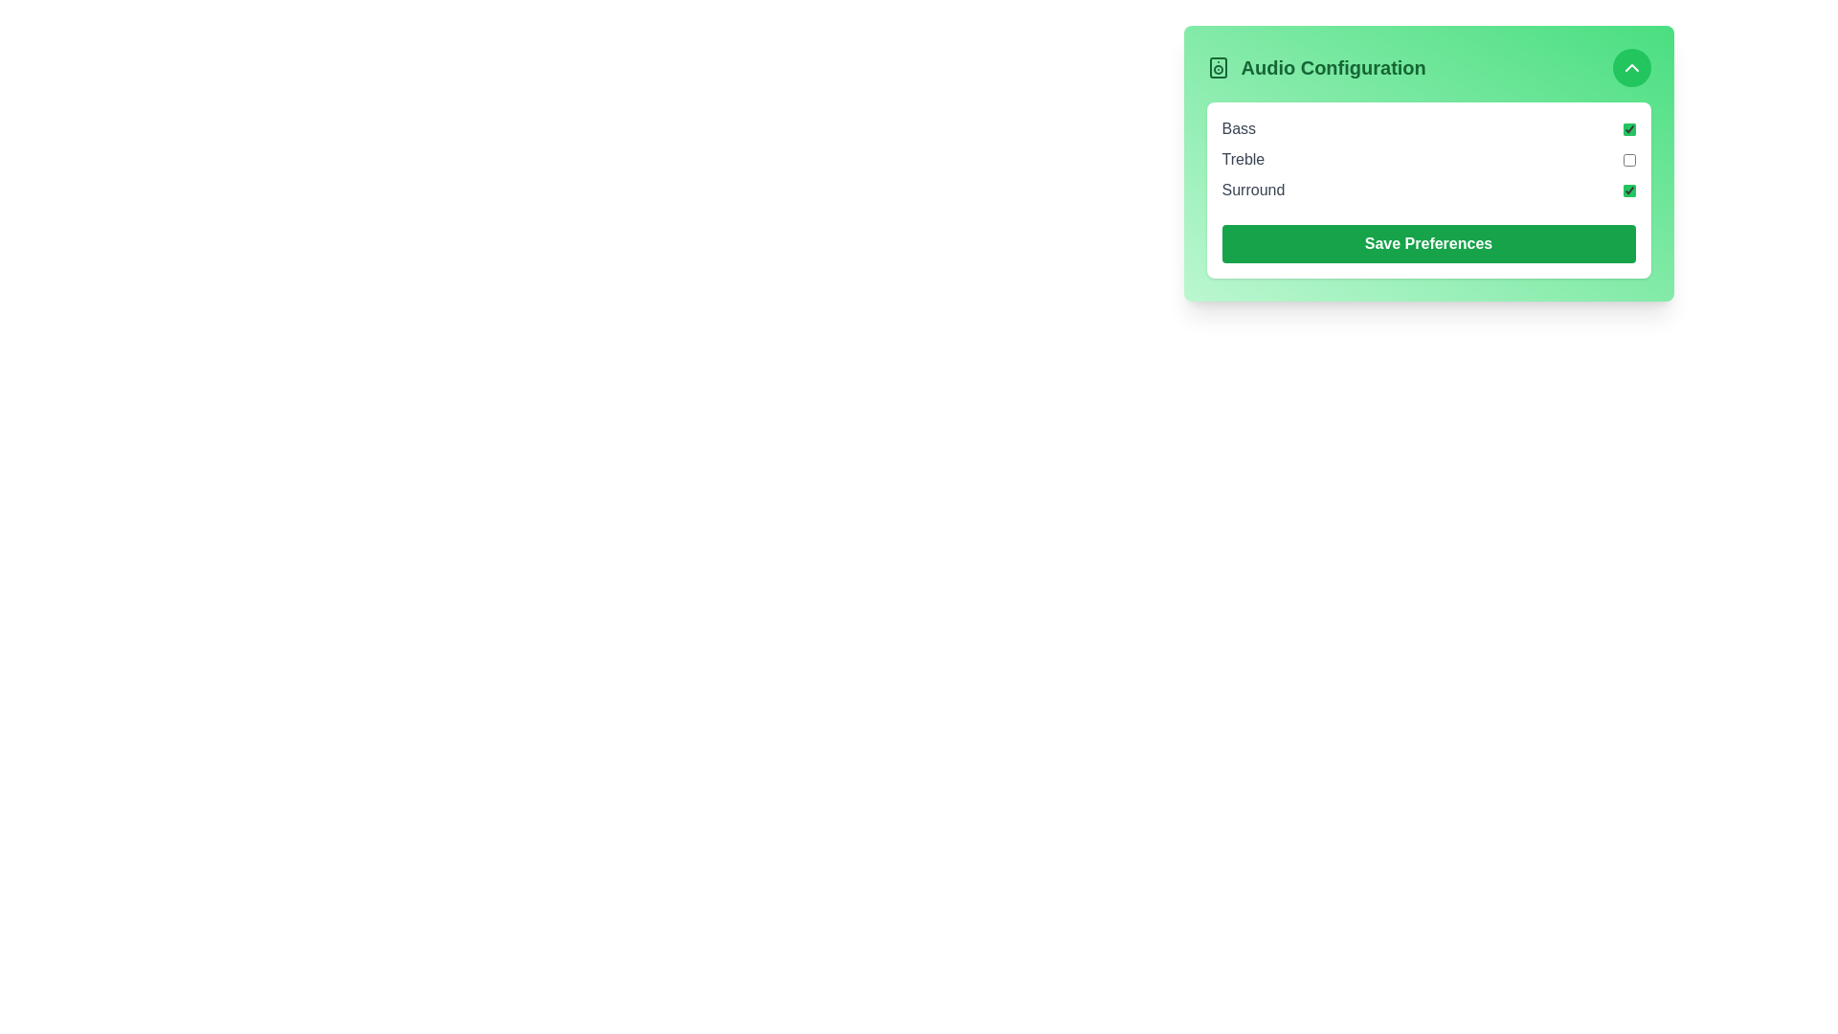  What do you see at coordinates (1253, 191) in the screenshot?
I see `text content of the Text Label indicating the 'Surround' feature in the Audio Configuration section, which is positioned next to its corresponding checkbox` at bounding box center [1253, 191].